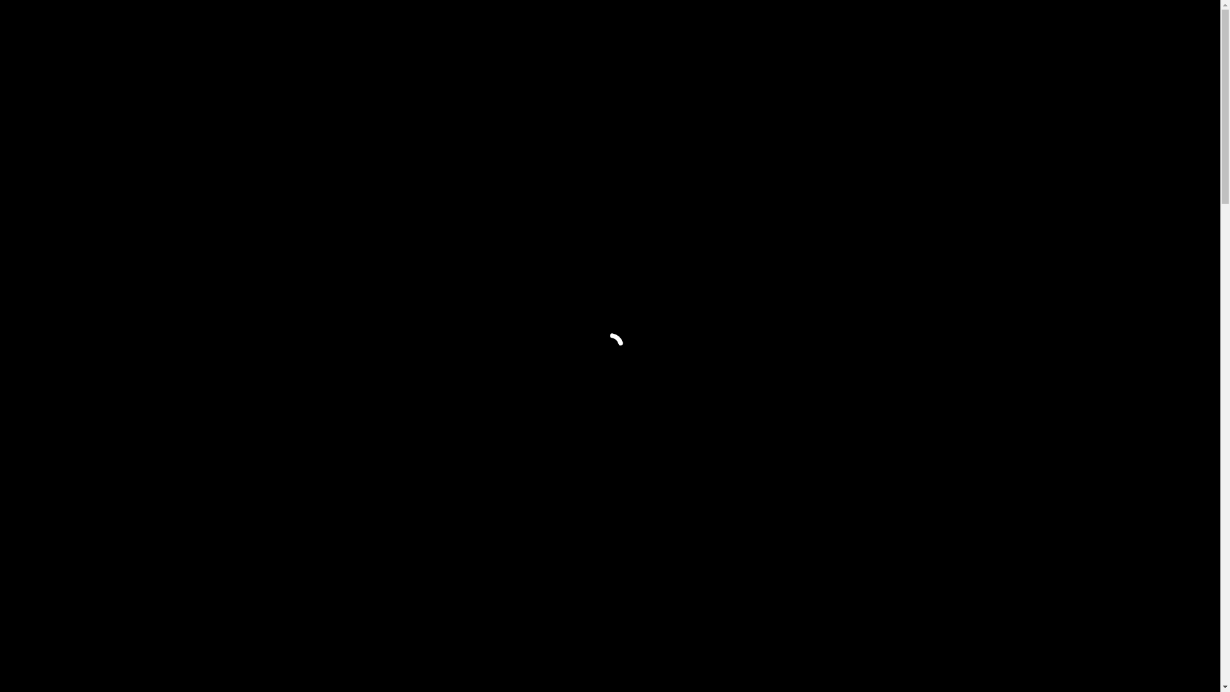 The image size is (1230, 692). What do you see at coordinates (712, 29) in the screenshot?
I see `'Home'` at bounding box center [712, 29].